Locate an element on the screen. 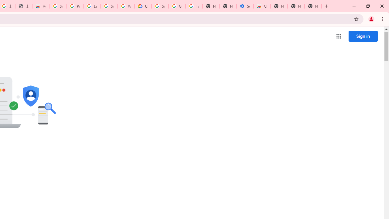 The image size is (389, 219). 'Settings - Accessibility' is located at coordinates (245, 6).